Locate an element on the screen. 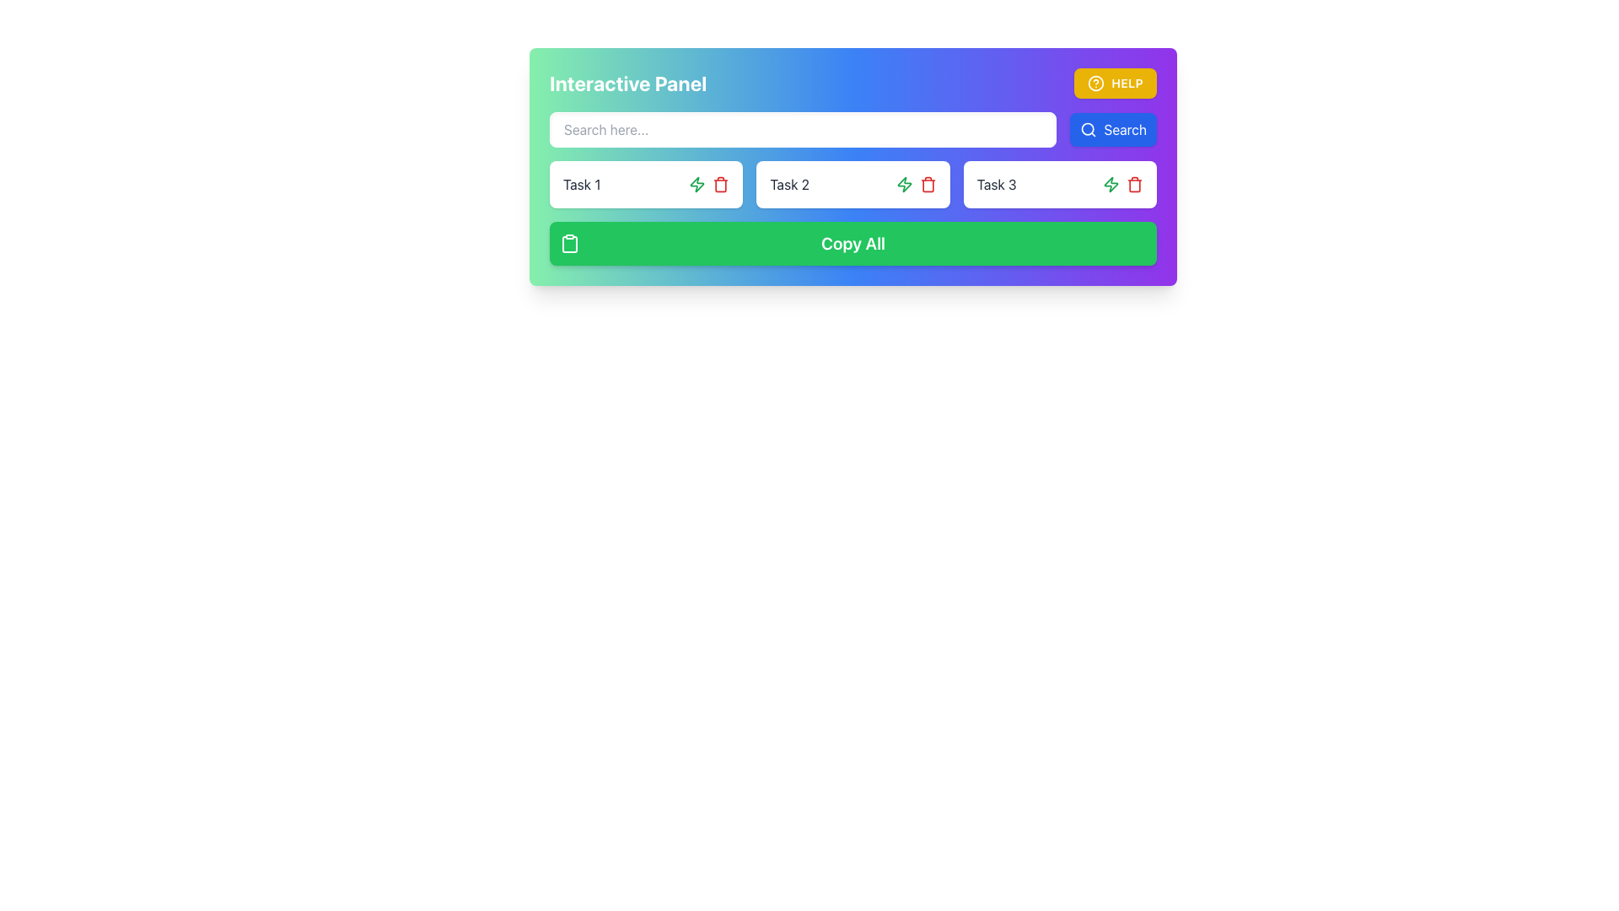 Image resolution: width=1619 pixels, height=911 pixels. the second icon in the grouped icons inside the box labeled 'Task 2', which serves as a visual indicator for the status associated with 'Task 2' is located at coordinates (697, 185).